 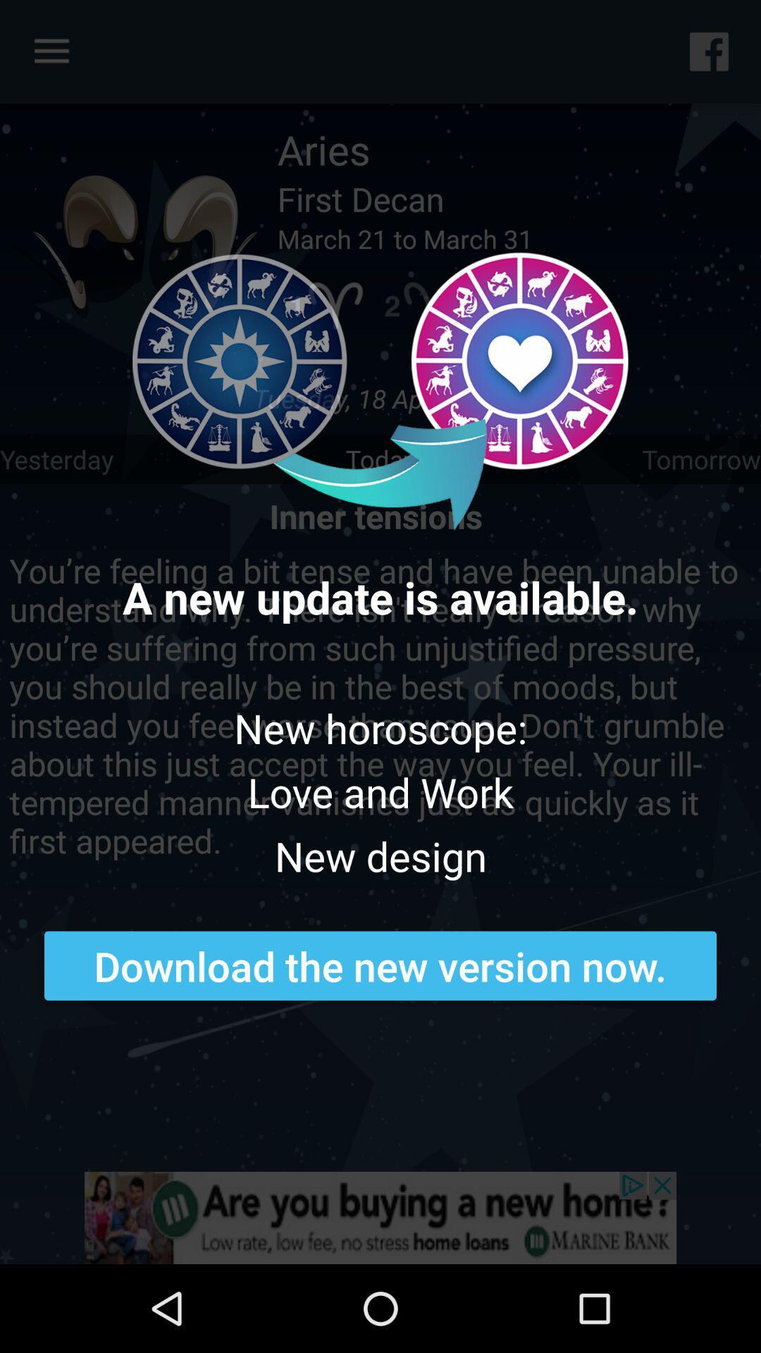 What do you see at coordinates (380, 965) in the screenshot?
I see `download the new at the bottom` at bounding box center [380, 965].